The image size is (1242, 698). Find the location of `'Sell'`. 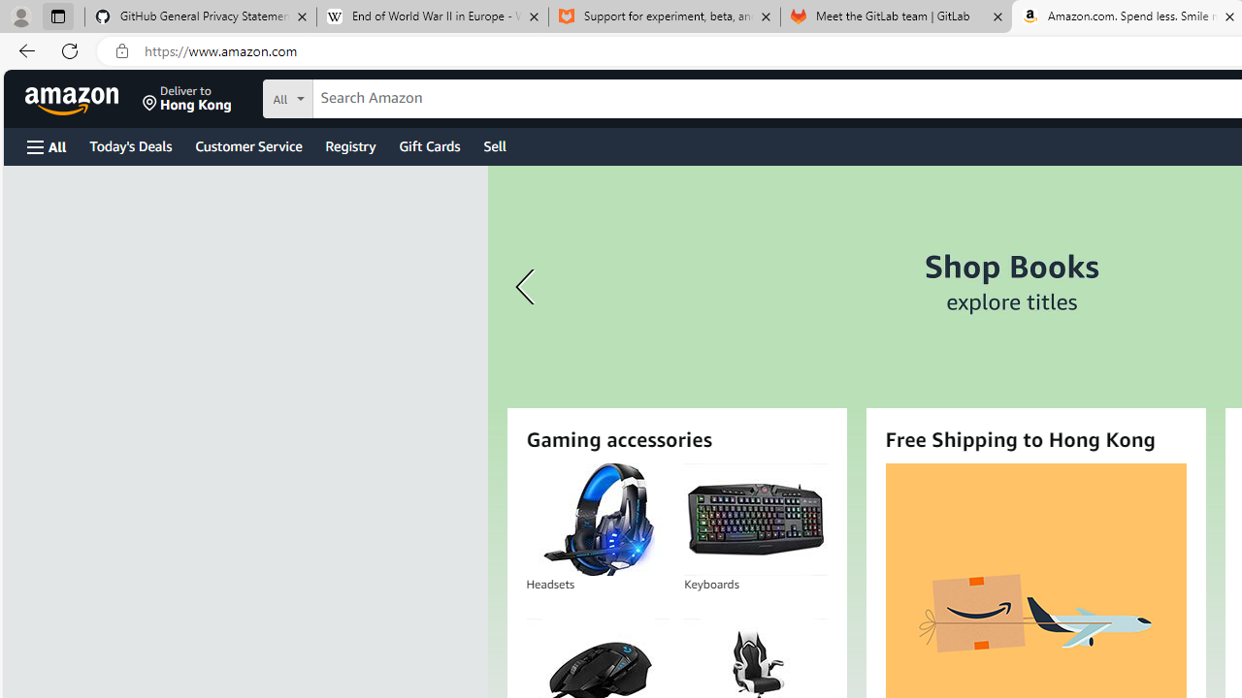

'Sell' is located at coordinates (495, 144).